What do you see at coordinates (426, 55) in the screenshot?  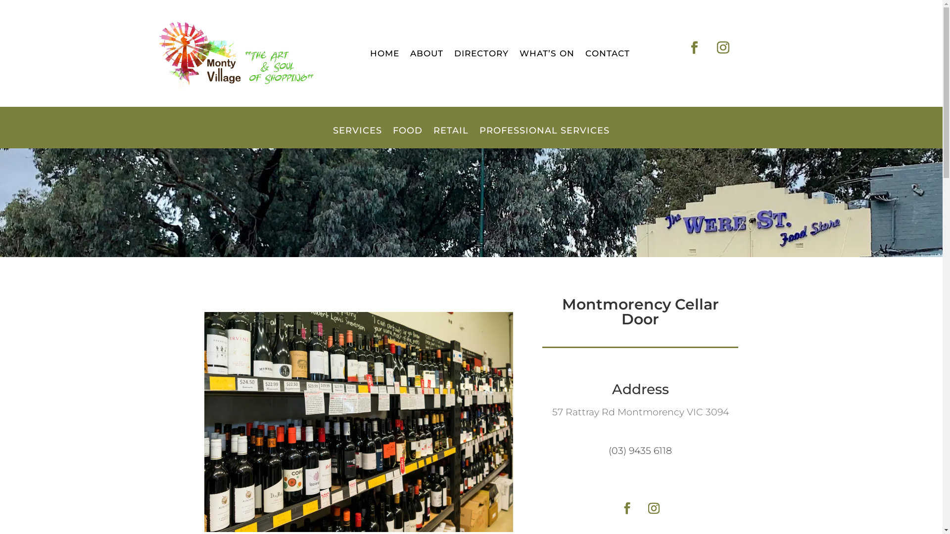 I see `'ABOUT'` at bounding box center [426, 55].